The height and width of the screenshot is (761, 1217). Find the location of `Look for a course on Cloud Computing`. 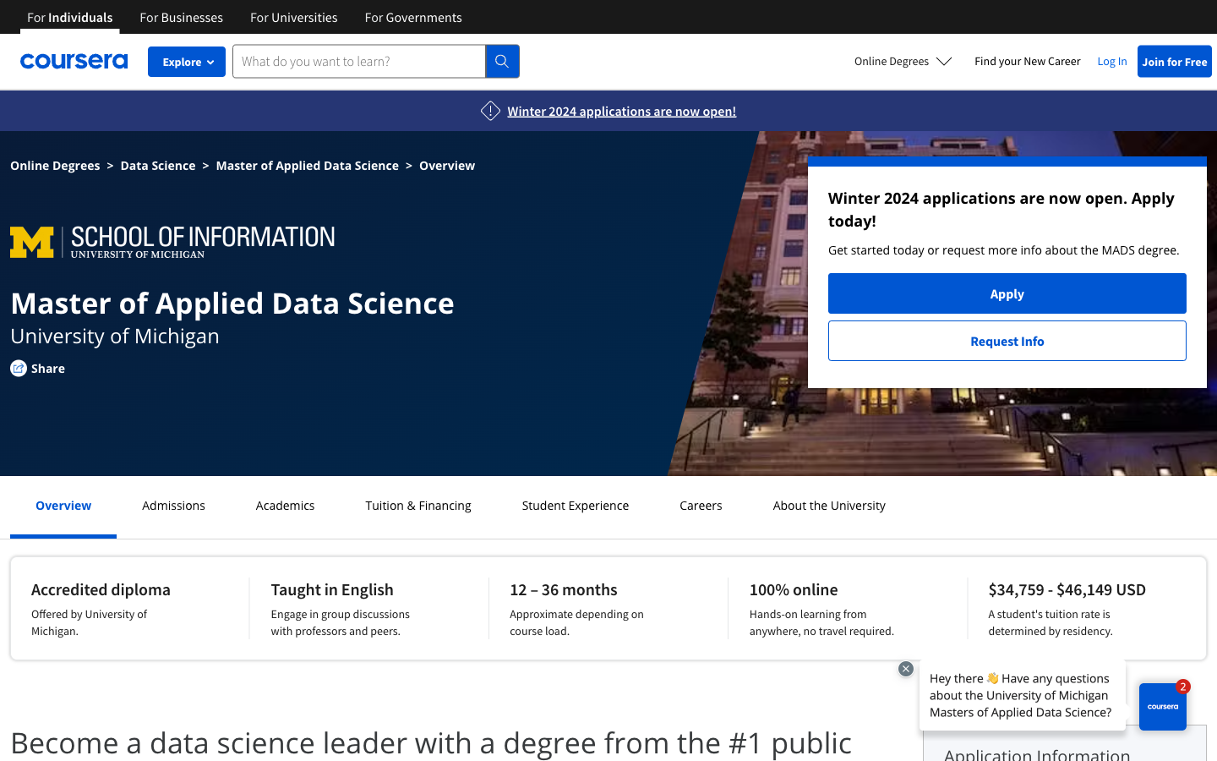

Look for a course on Cloud Computing is located at coordinates (575, 505).